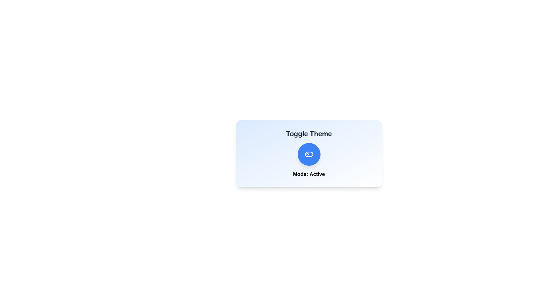 The height and width of the screenshot is (307, 547). What do you see at coordinates (309, 154) in the screenshot?
I see `the button to toggle the theme` at bounding box center [309, 154].